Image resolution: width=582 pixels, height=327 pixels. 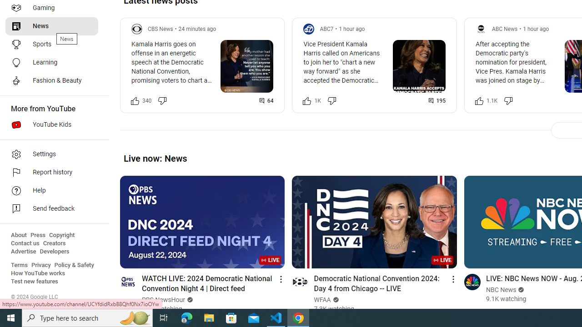 I want to click on 'Like this post along with 1,006 other people', so click(x=307, y=100).